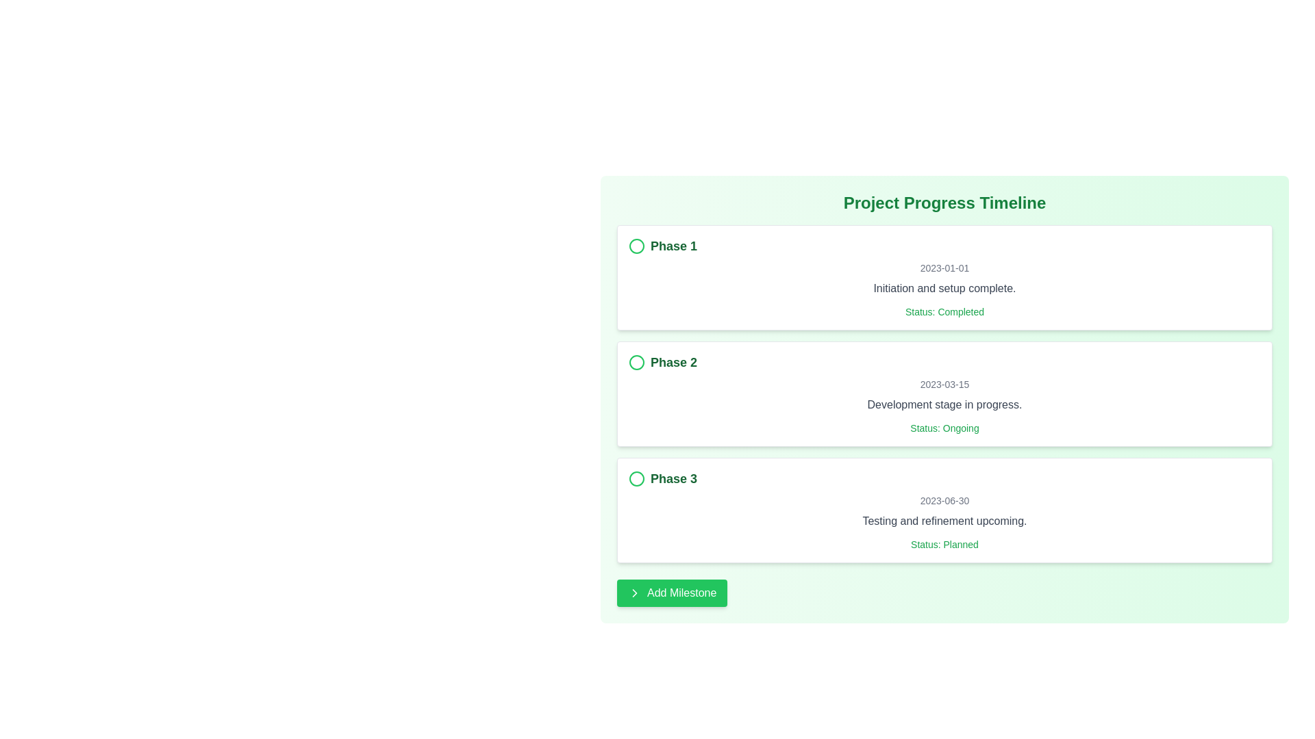 This screenshot has height=739, width=1315. What do you see at coordinates (673, 478) in the screenshot?
I see `the 'Phase 3' text label, which is styled with a bold green font and is positioned in the third row of the Project Progress Timeline under the entries for 'Phase 1' and 'Phase 2'` at bounding box center [673, 478].